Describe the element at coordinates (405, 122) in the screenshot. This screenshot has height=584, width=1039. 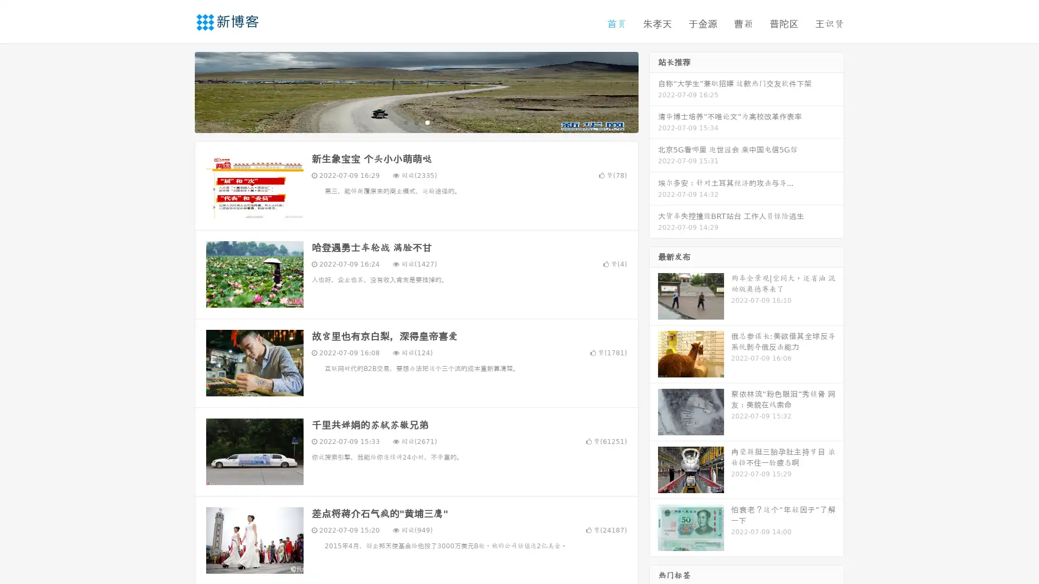
I see `Go to slide 1` at that location.